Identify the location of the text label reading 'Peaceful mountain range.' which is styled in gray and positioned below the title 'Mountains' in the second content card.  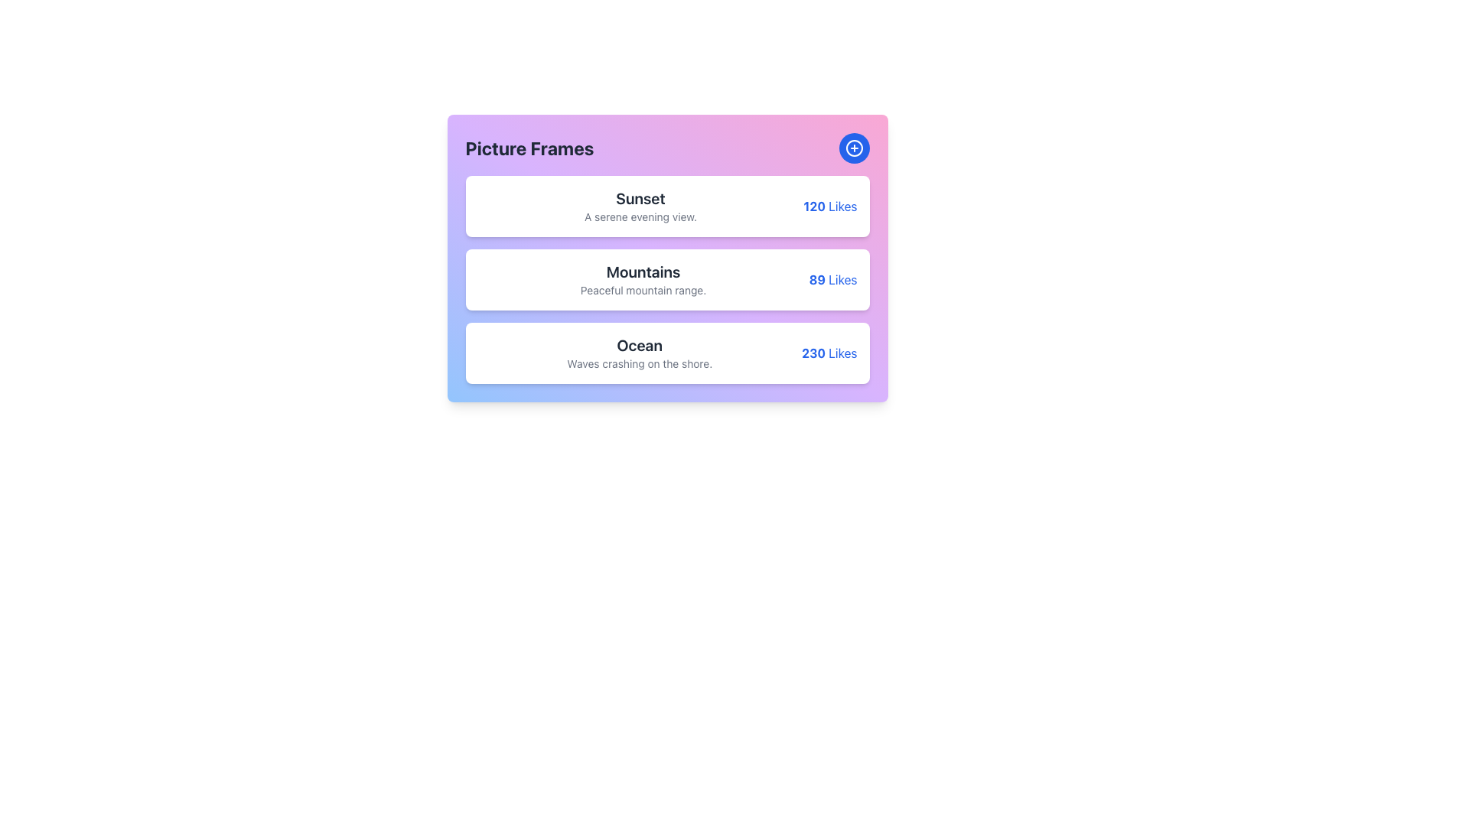
(643, 291).